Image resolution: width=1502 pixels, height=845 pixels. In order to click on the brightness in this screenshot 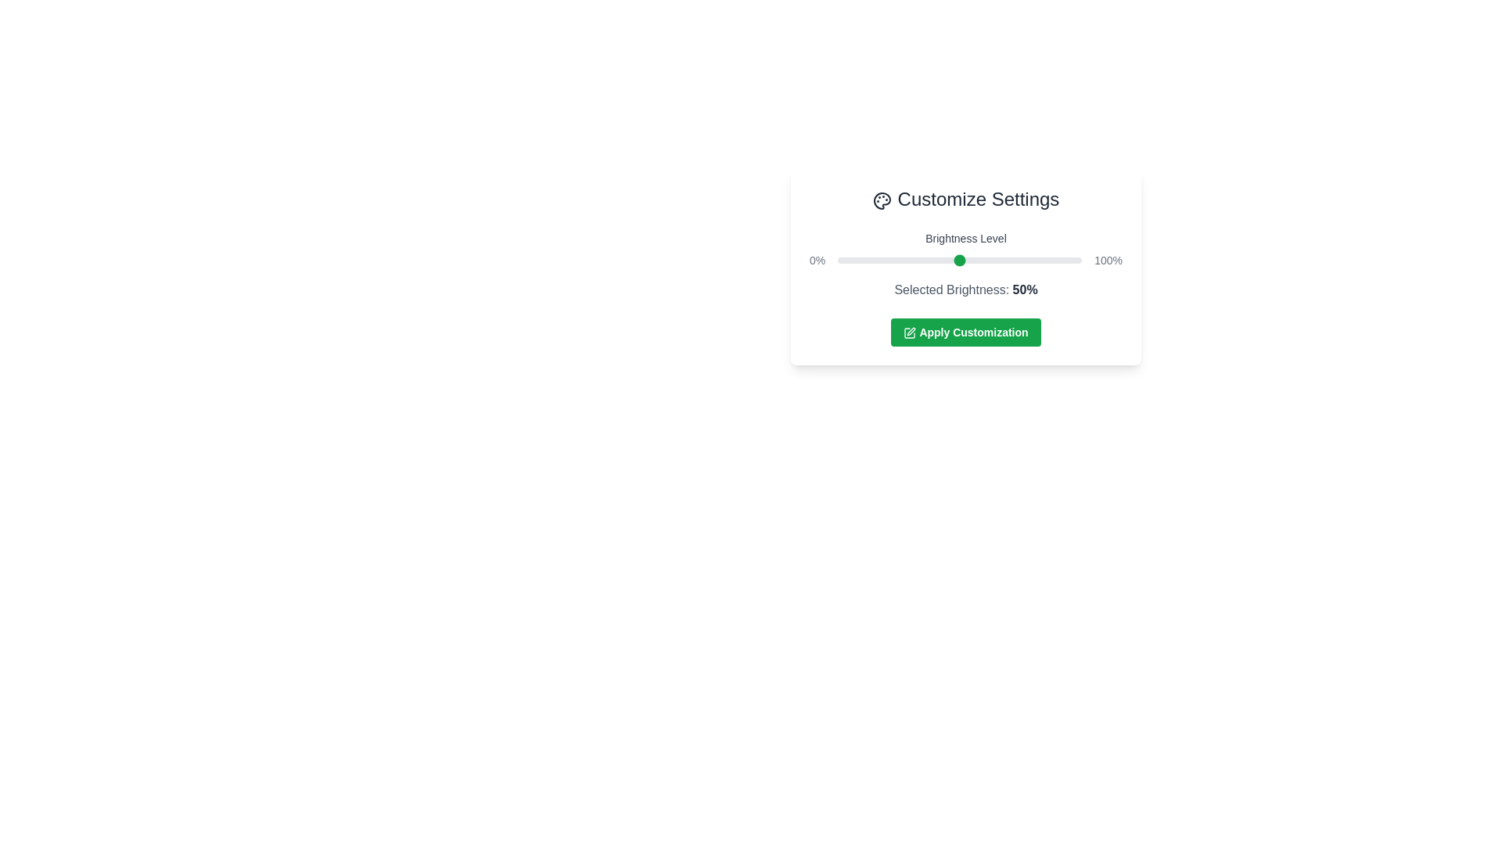, I will do `click(944, 259)`.